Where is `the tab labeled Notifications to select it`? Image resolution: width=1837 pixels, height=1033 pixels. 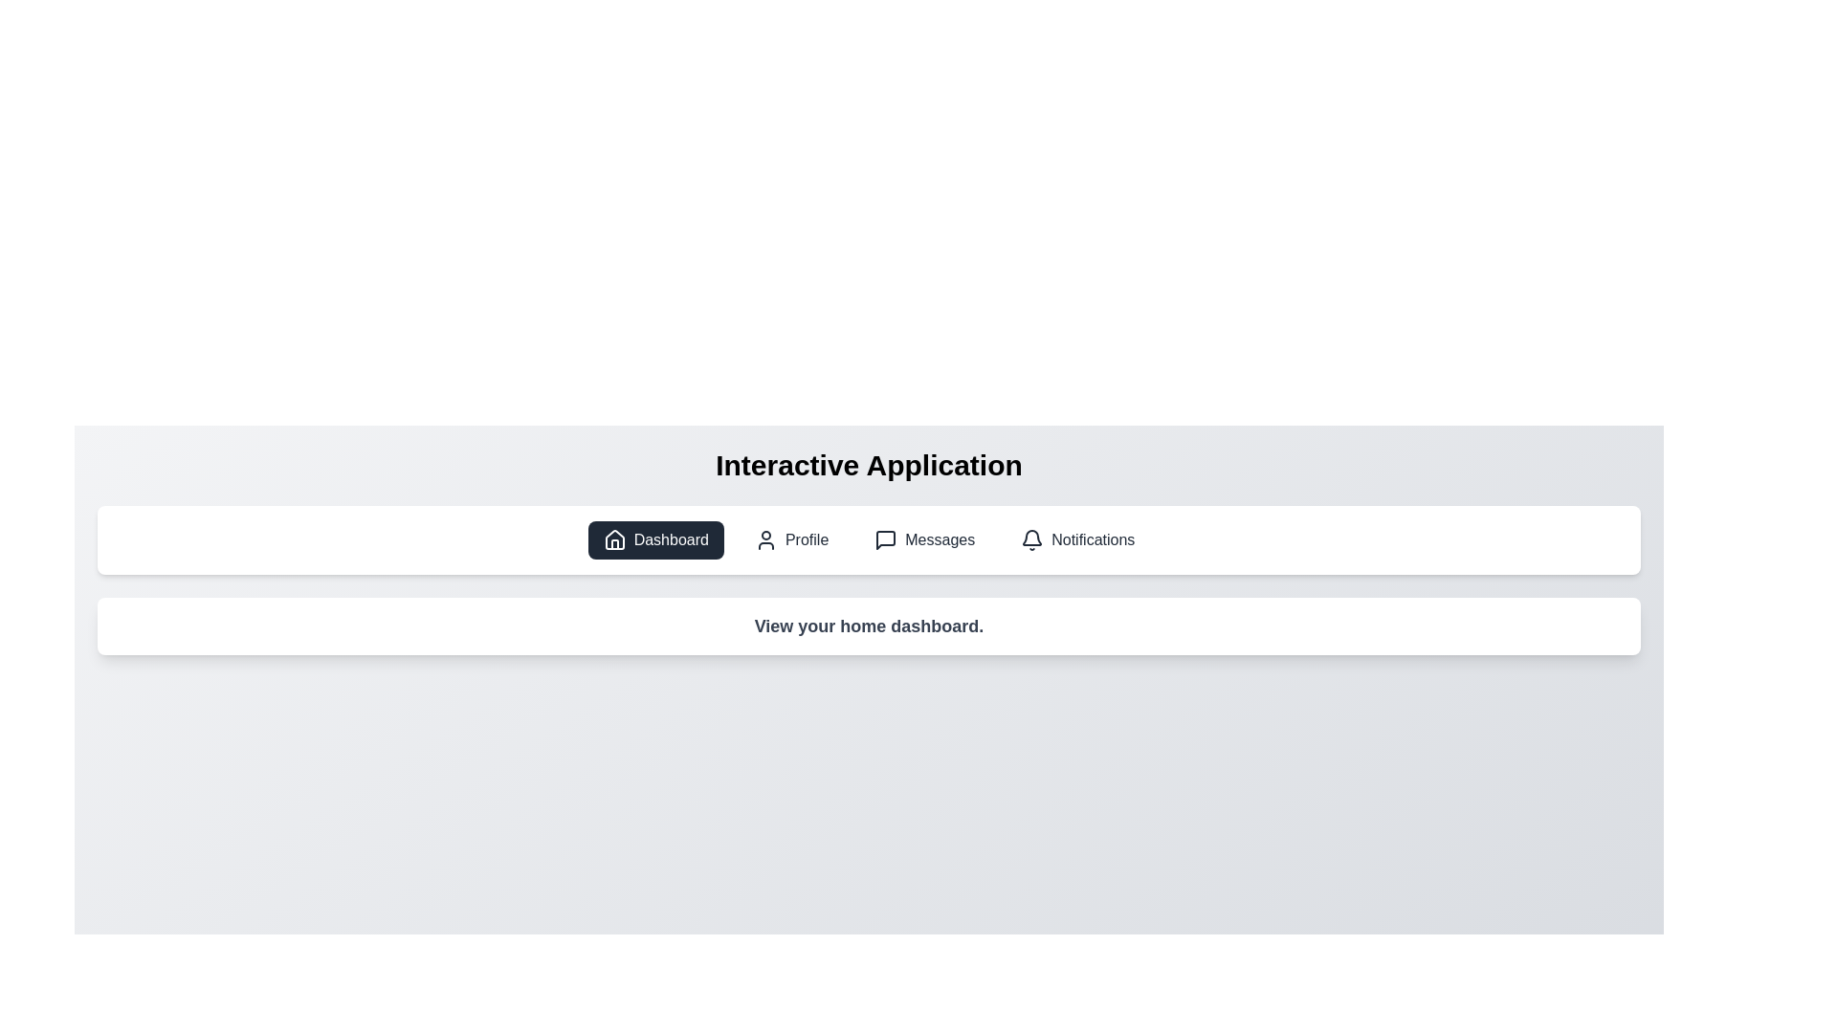 the tab labeled Notifications to select it is located at coordinates (1077, 539).